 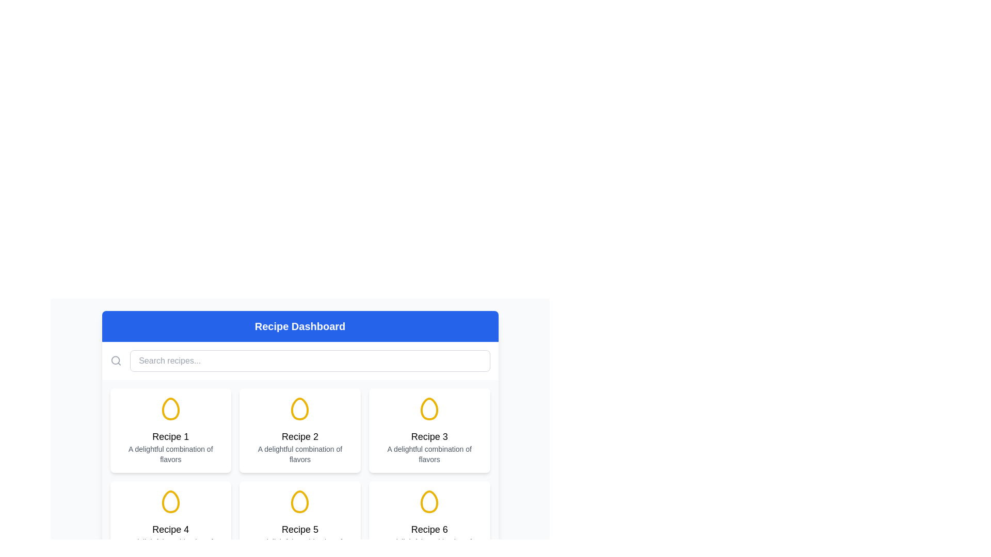 What do you see at coordinates (429, 430) in the screenshot?
I see `the card with a white background, rounded corners, and a yellow egg icon at the top, labeled 'Recipe 3'` at bounding box center [429, 430].